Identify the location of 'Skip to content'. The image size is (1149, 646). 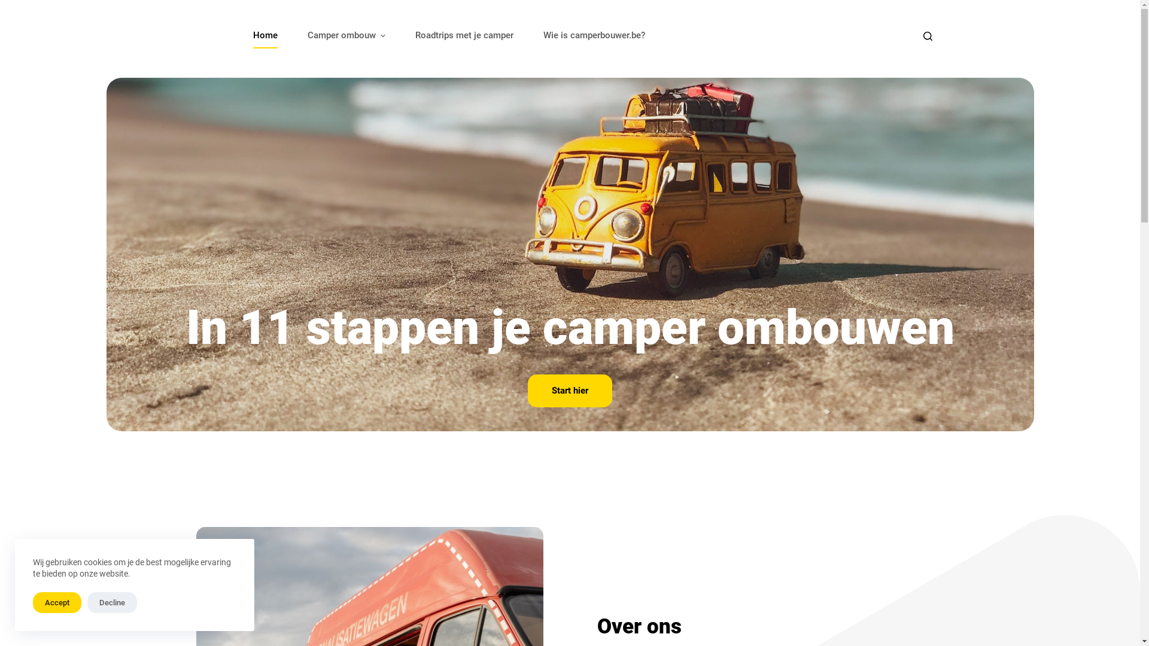
(11, 6).